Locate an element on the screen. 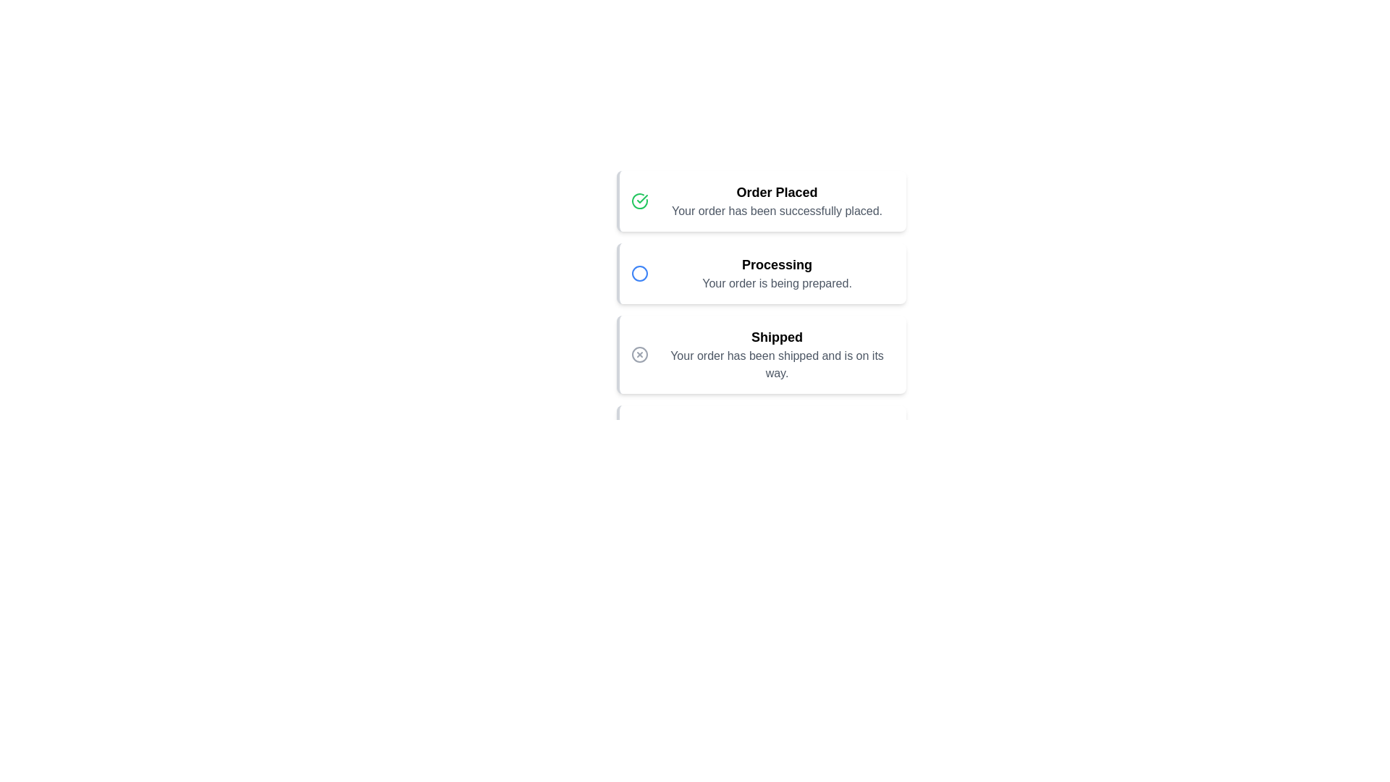  the title 'Order Placed' to select its text is located at coordinates (776, 192).